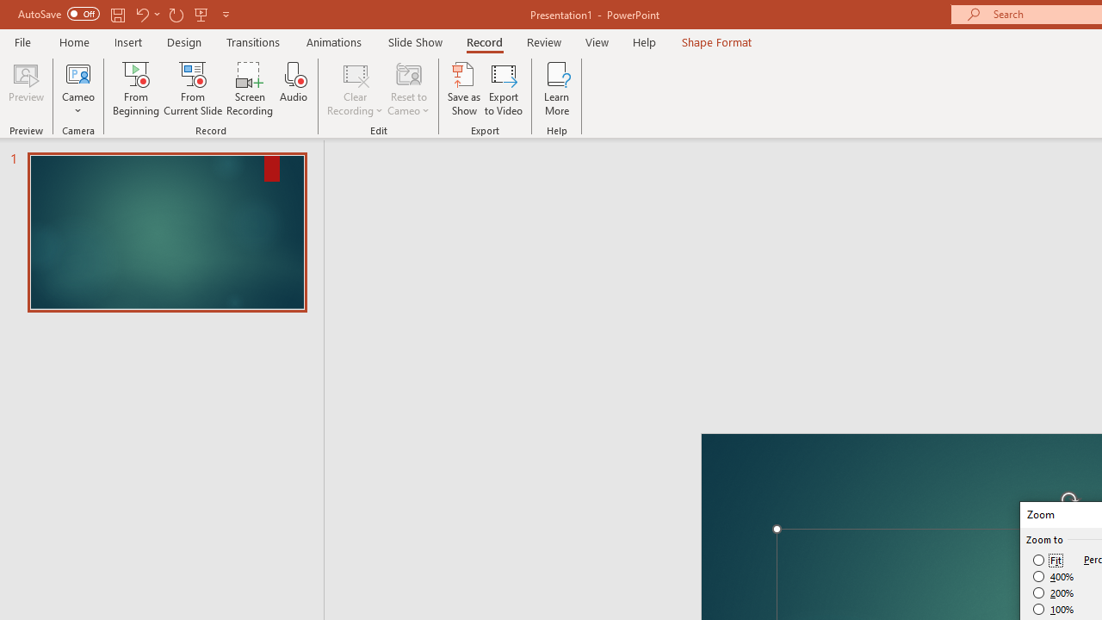 Image resolution: width=1102 pixels, height=620 pixels. What do you see at coordinates (249, 89) in the screenshot?
I see `'Screen Recording'` at bounding box center [249, 89].